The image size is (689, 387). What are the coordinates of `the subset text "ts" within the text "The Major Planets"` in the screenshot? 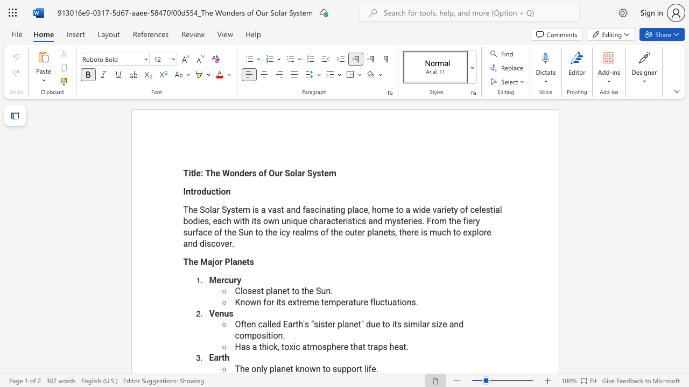 It's located at (246, 262).